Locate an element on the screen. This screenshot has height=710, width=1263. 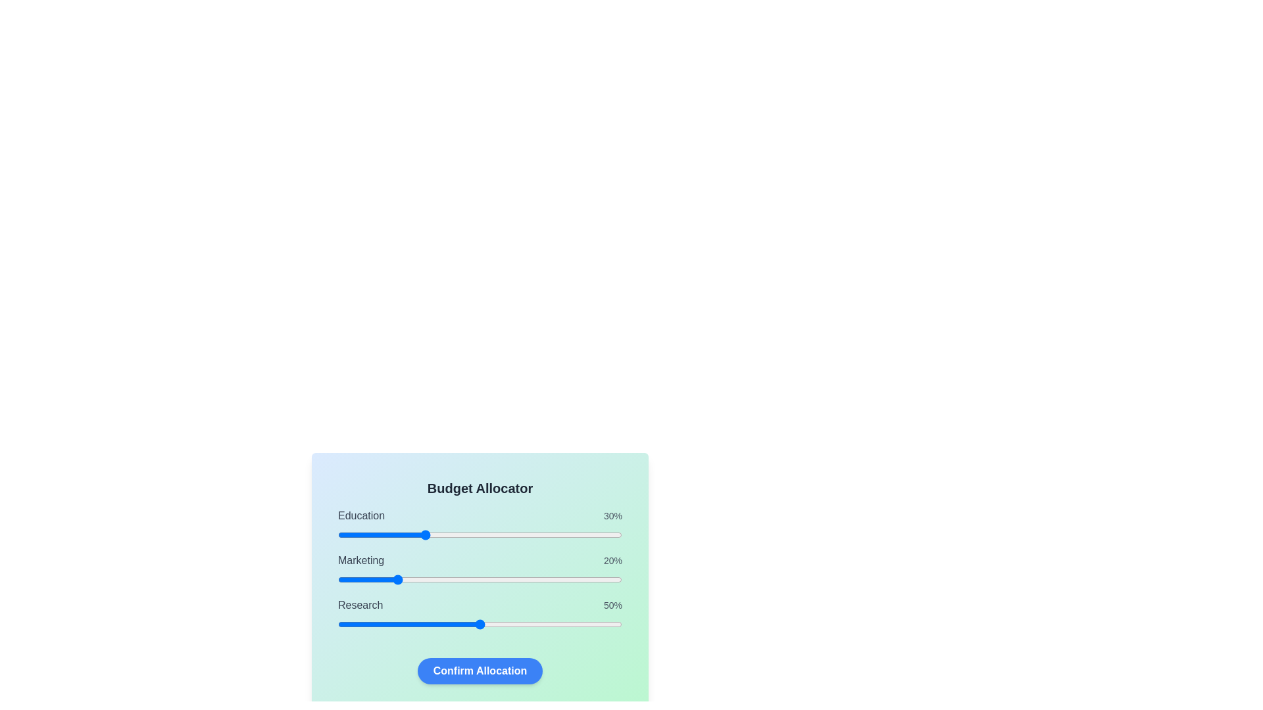
the Research allocation slider to 74% is located at coordinates (548, 623).